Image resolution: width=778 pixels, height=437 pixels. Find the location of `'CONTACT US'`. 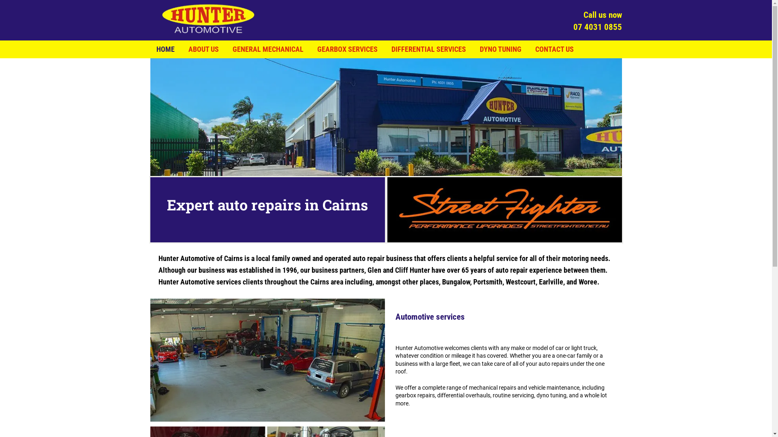

'CONTACT US' is located at coordinates (554, 49).